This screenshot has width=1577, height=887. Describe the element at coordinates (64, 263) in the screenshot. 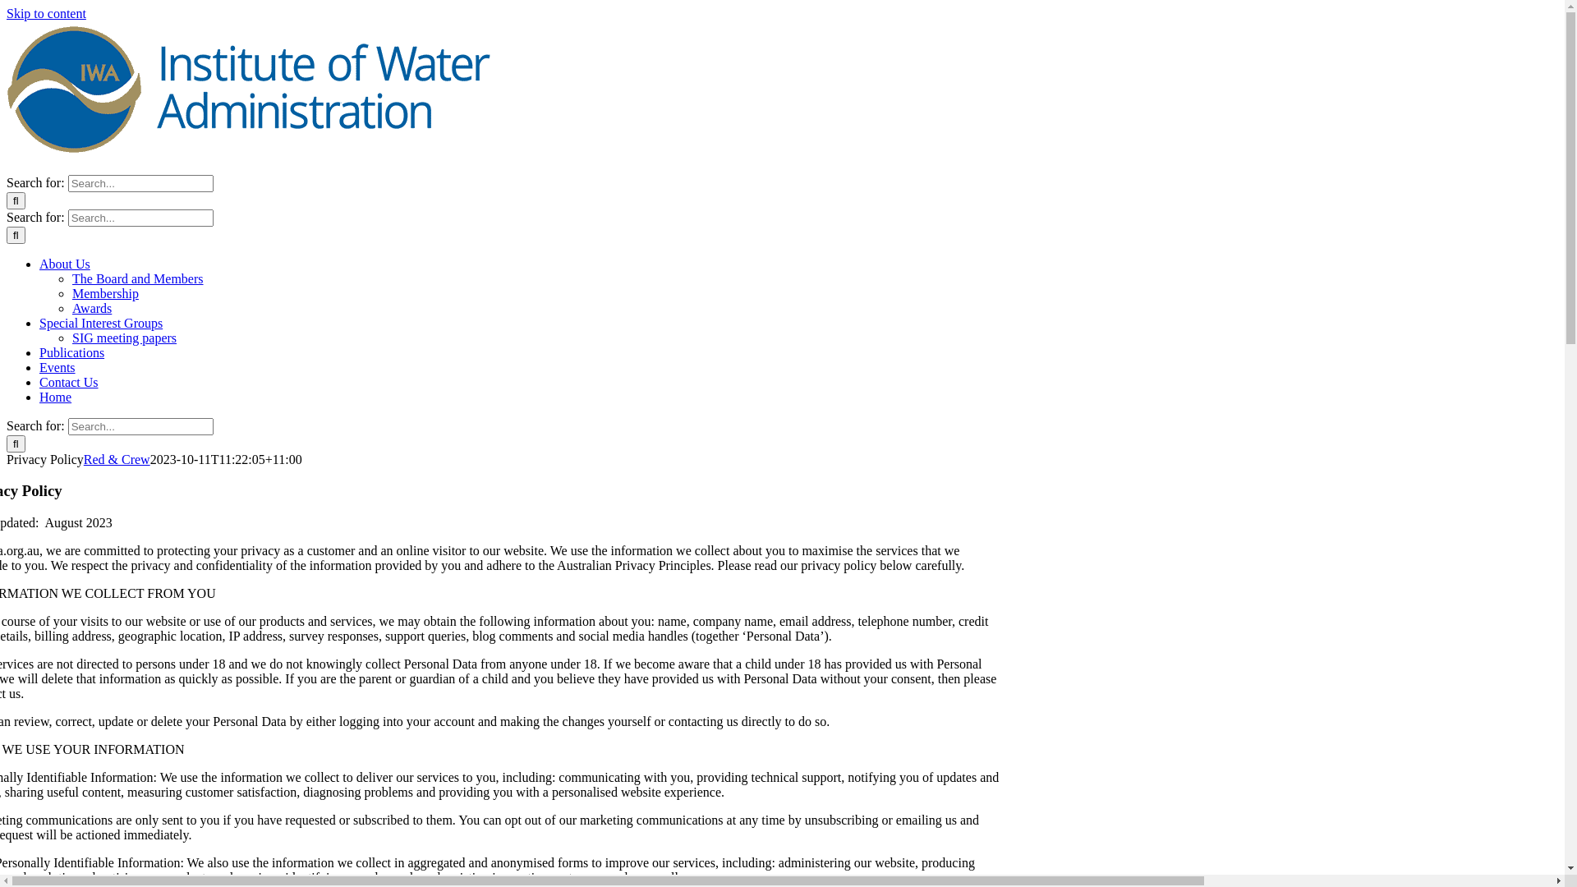

I see `'About Us'` at that location.